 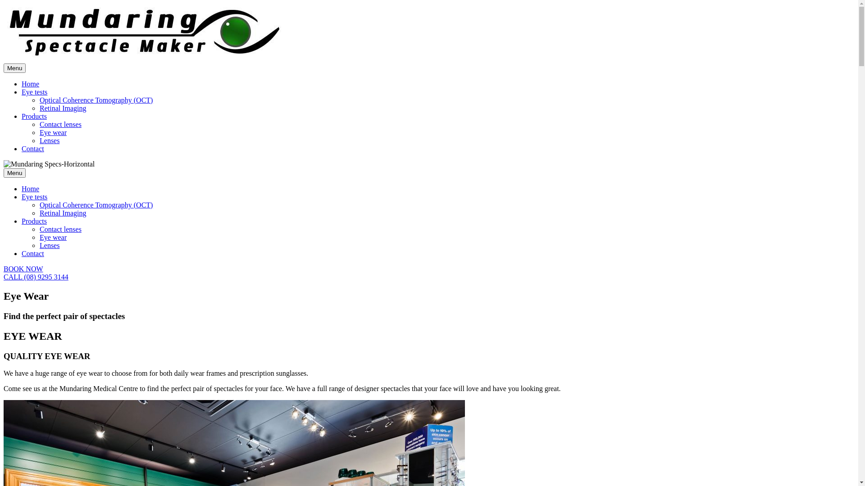 I want to click on 'Eye wear', so click(x=53, y=237).